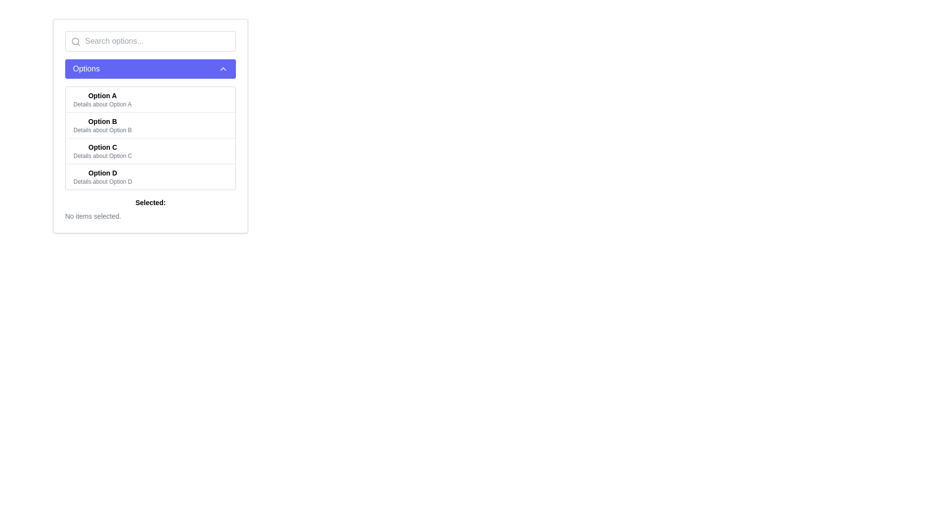 The image size is (934, 525). I want to click on the static text label that identifies the associated option in the dropdown list titled 'Option D', positioned as the first line within that section, so click(103, 172).